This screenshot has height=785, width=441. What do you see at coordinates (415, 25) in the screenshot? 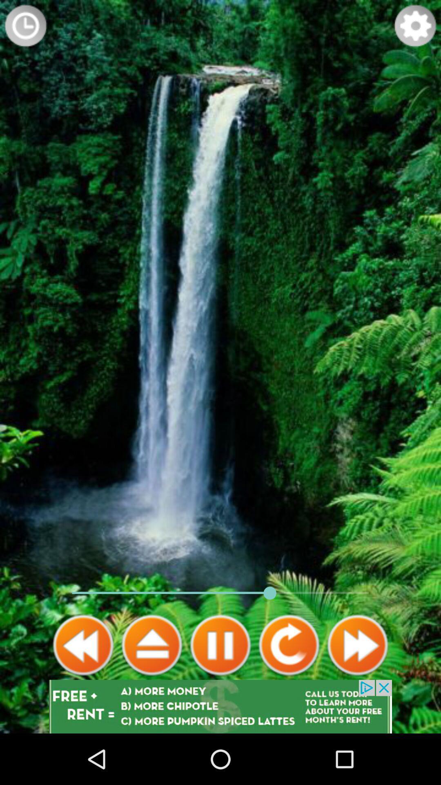
I see `open settings` at bounding box center [415, 25].